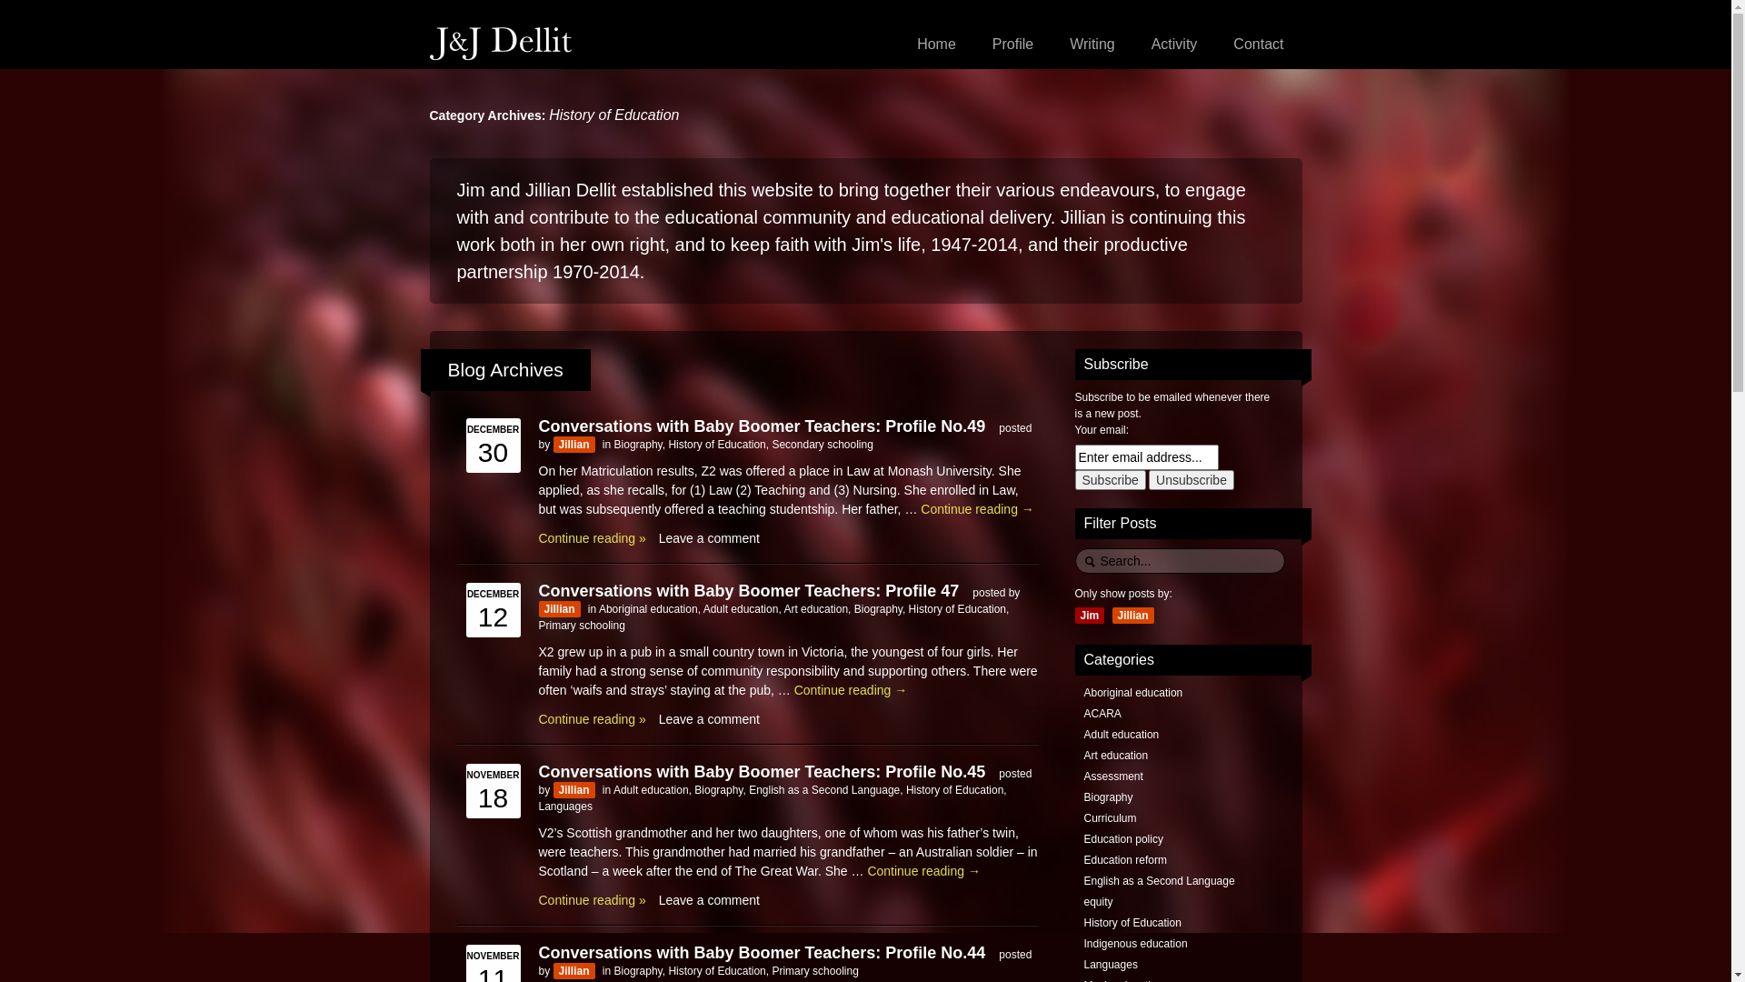 The image size is (1745, 982). What do you see at coordinates (1257, 44) in the screenshot?
I see `'Contact'` at bounding box center [1257, 44].